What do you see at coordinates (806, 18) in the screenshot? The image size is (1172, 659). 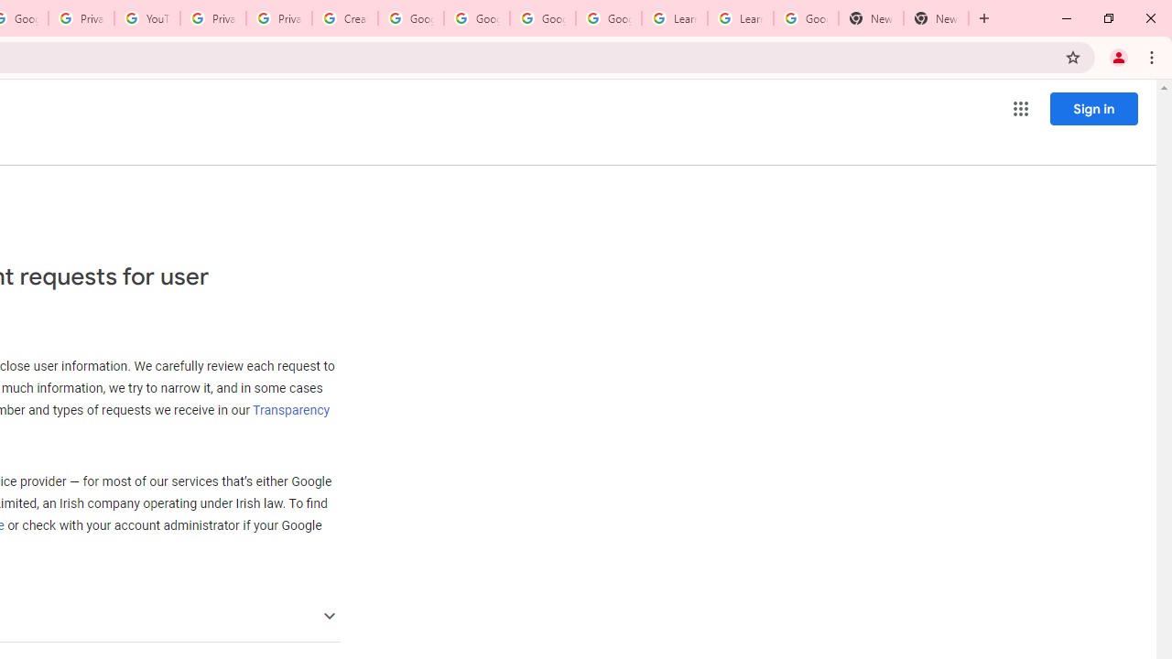 I see `'Google Account'` at bounding box center [806, 18].